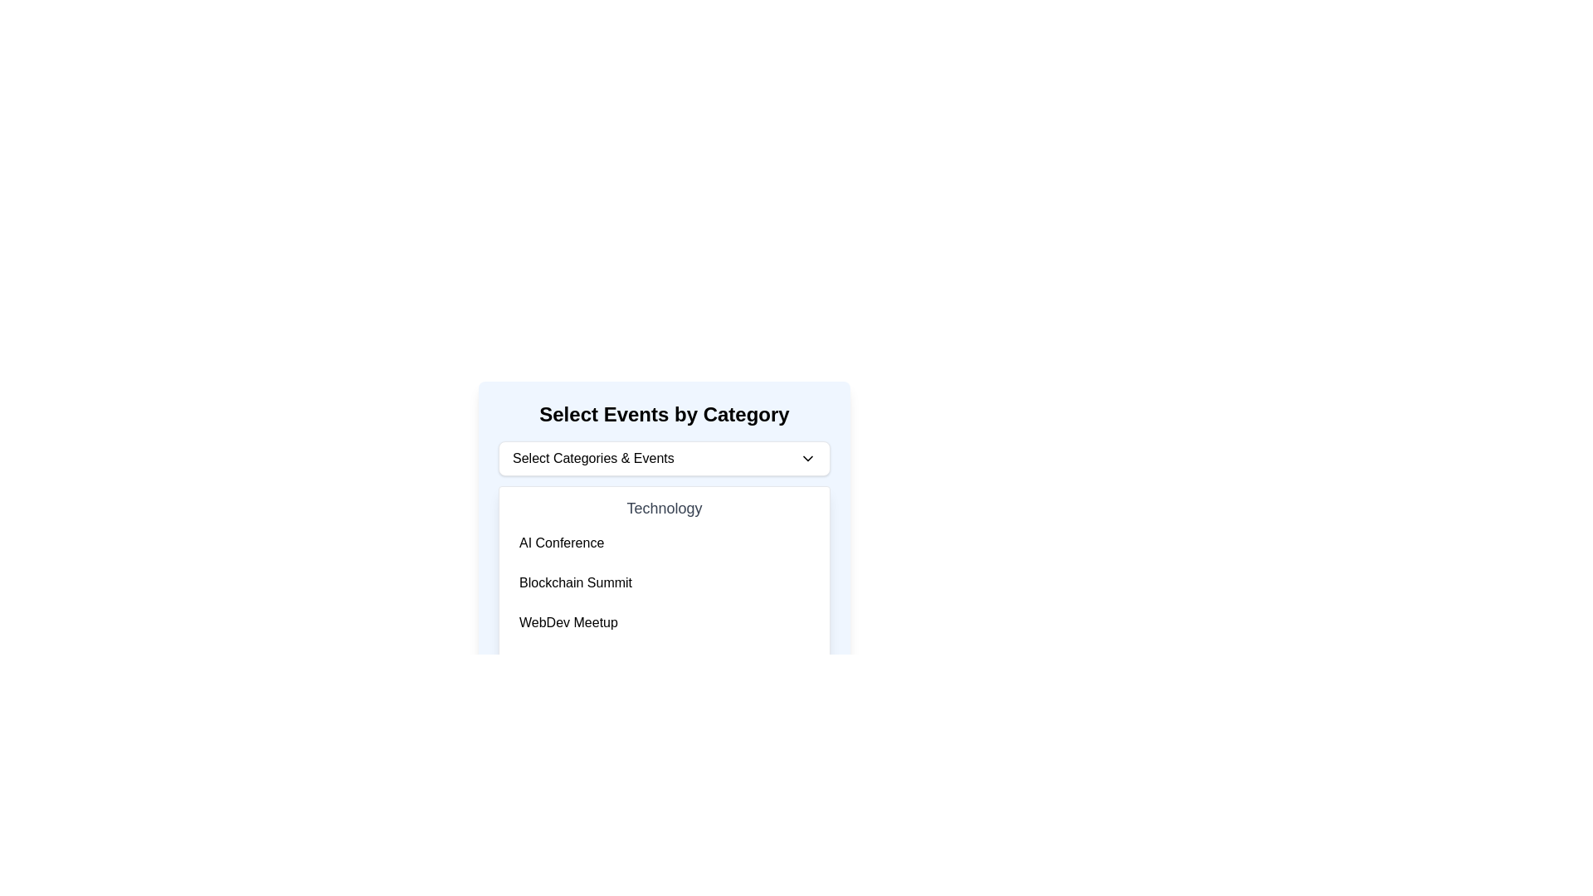  Describe the element at coordinates (665, 508) in the screenshot. I see `the Text label that serves as a category title for the events, located at the top of the vertical list in the 'Select Events by Category' section` at that location.